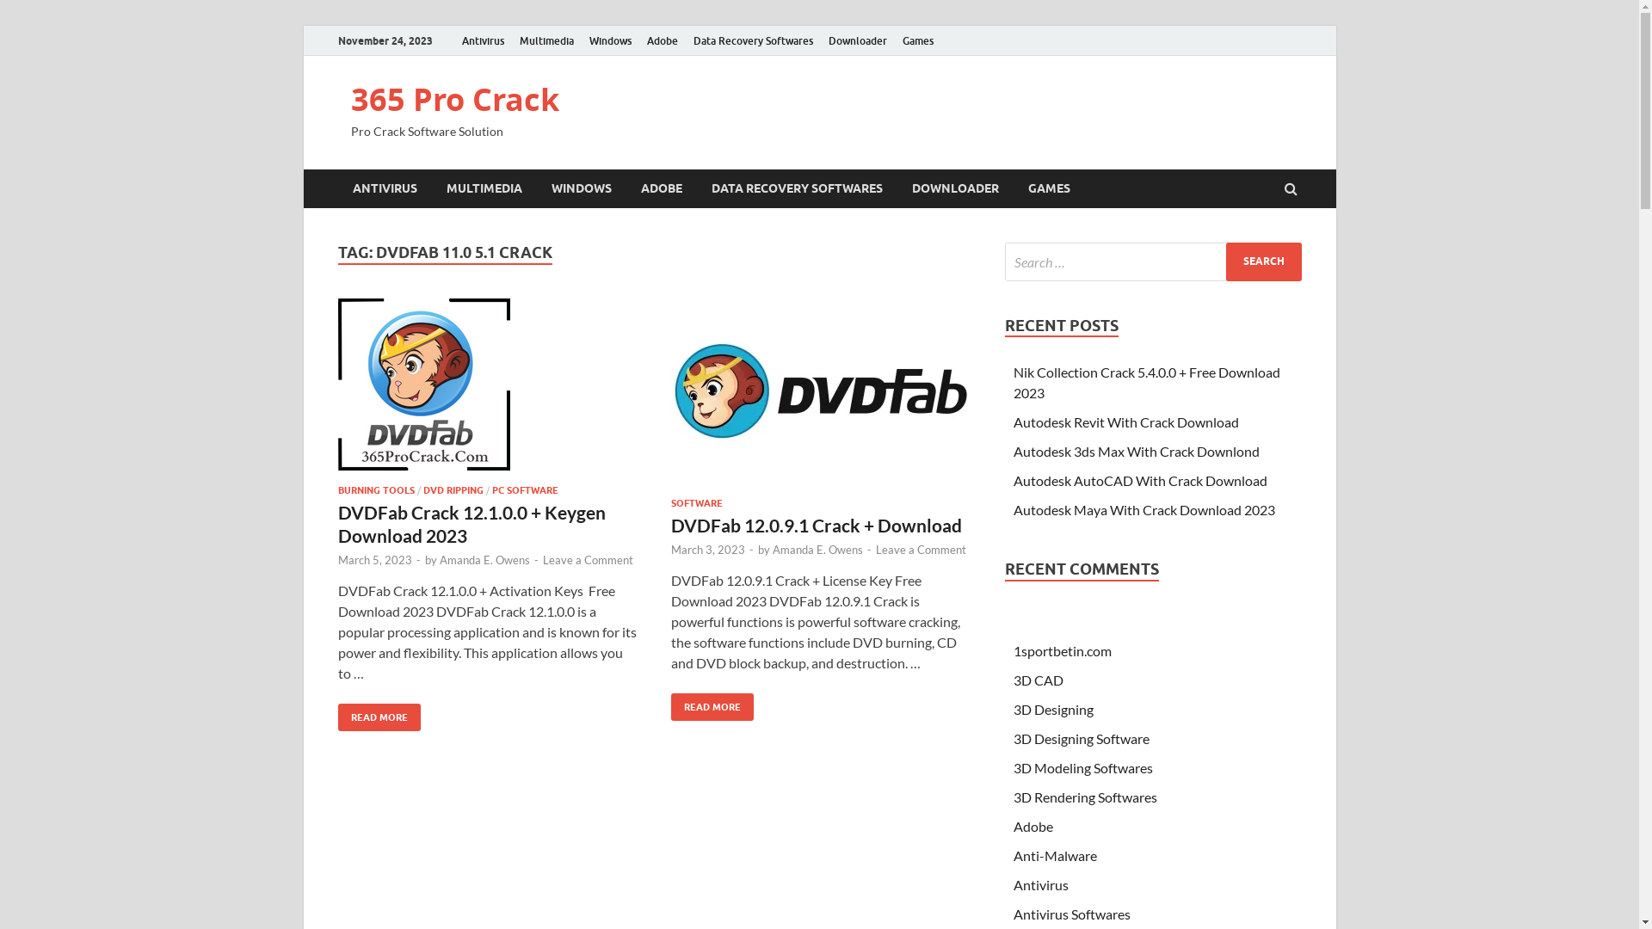 This screenshot has width=1652, height=929. Describe the element at coordinates (471, 523) in the screenshot. I see `'DVDFab Crack 12.1.0.0 + Keygen Download 2023'` at that location.